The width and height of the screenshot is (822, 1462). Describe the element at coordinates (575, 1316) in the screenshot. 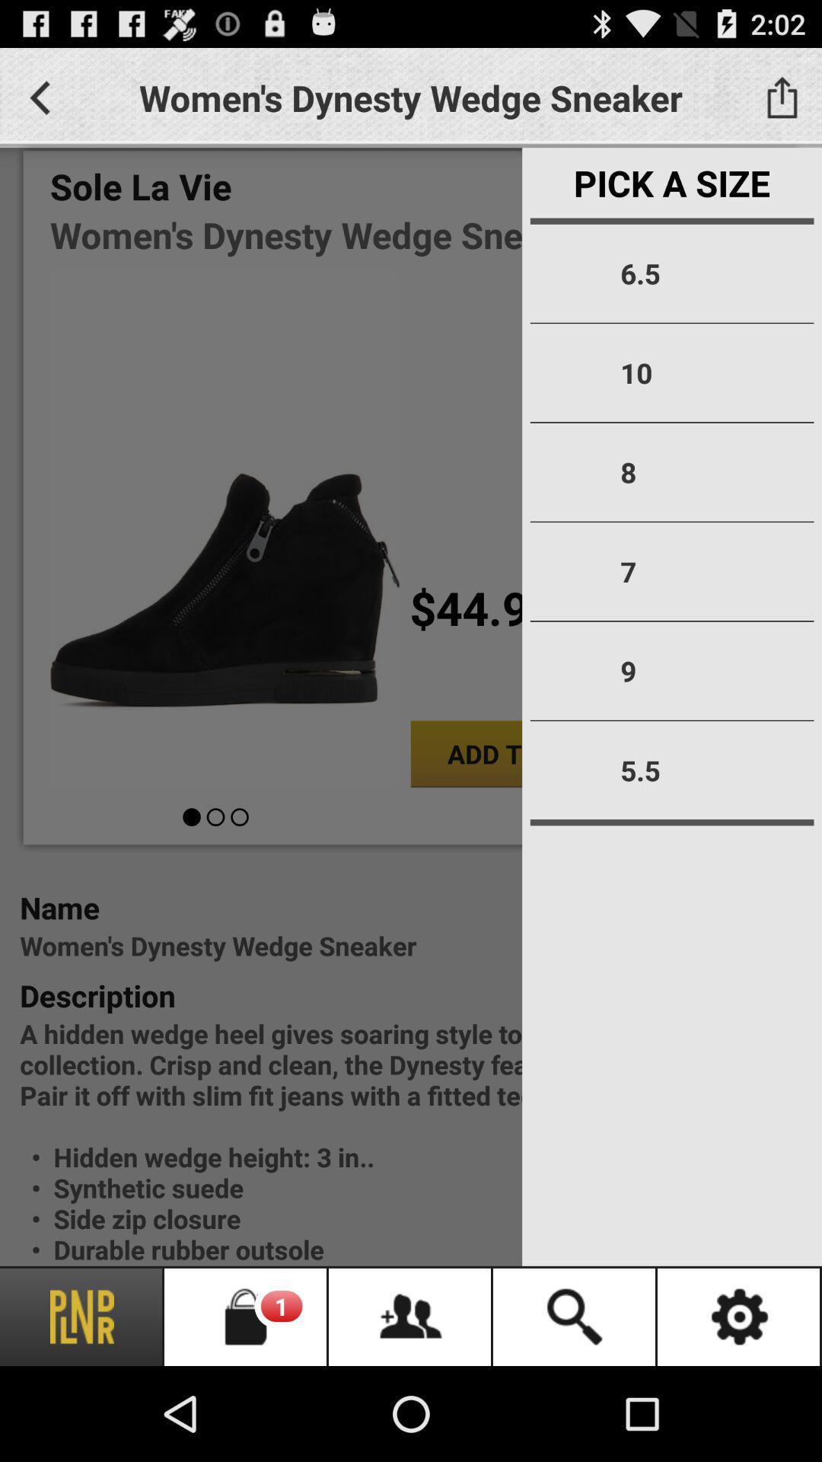

I see `the search icon` at that location.